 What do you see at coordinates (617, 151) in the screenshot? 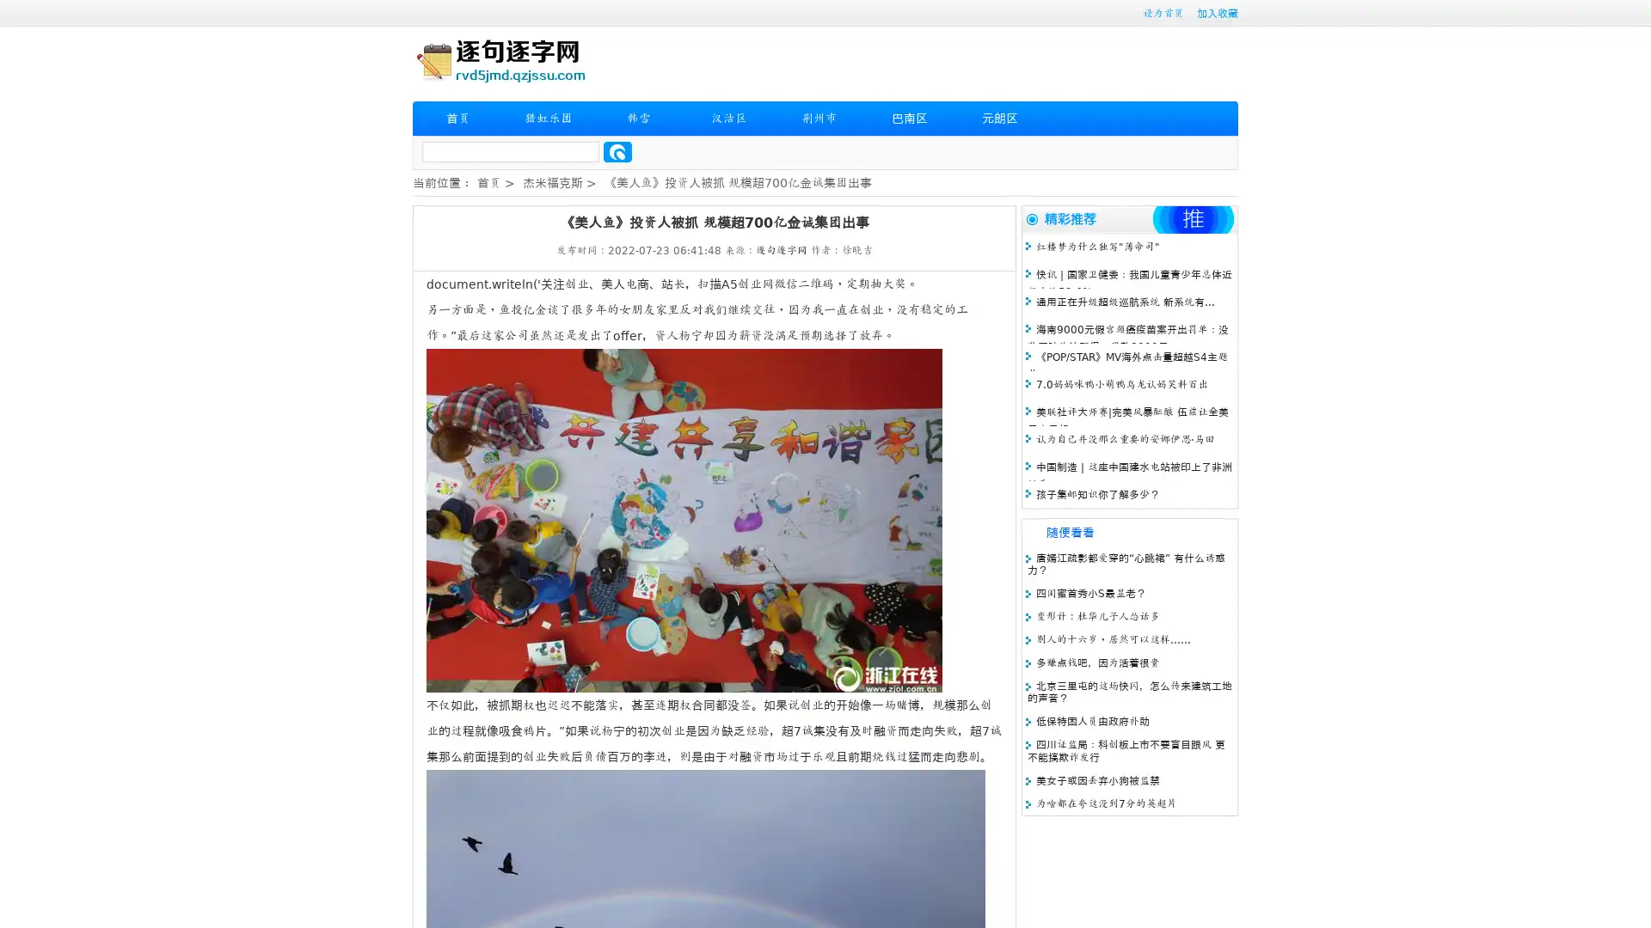
I see `Search` at bounding box center [617, 151].